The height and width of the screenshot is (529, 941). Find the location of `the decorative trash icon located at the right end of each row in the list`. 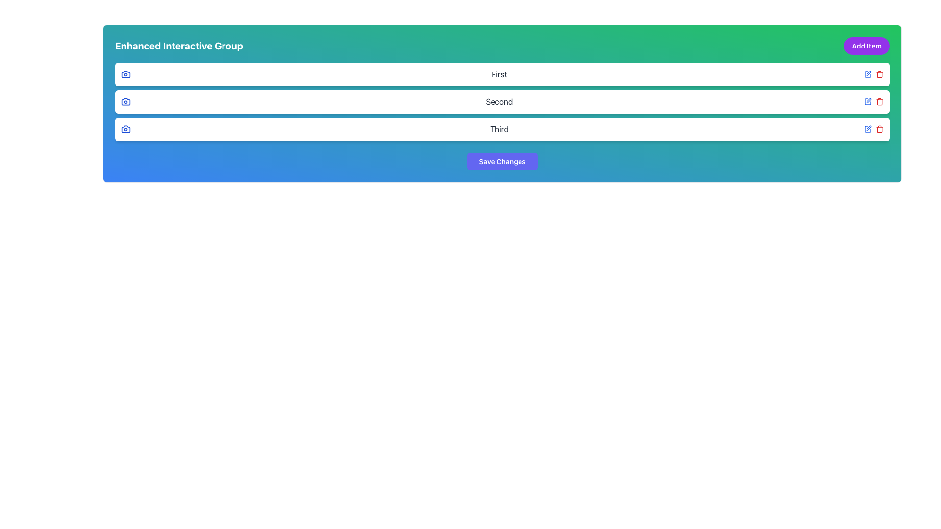

the decorative trash icon located at the right end of each row in the list is located at coordinates (880, 102).